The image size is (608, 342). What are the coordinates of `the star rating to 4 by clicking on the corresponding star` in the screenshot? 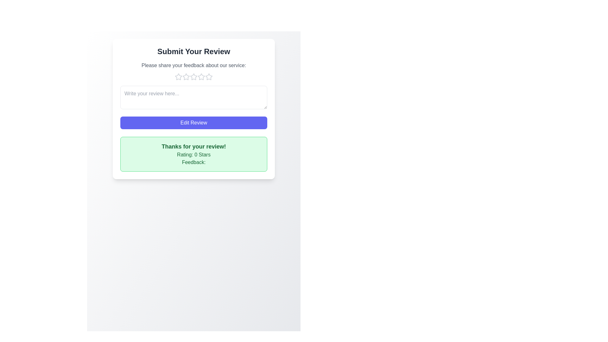 It's located at (201, 77).